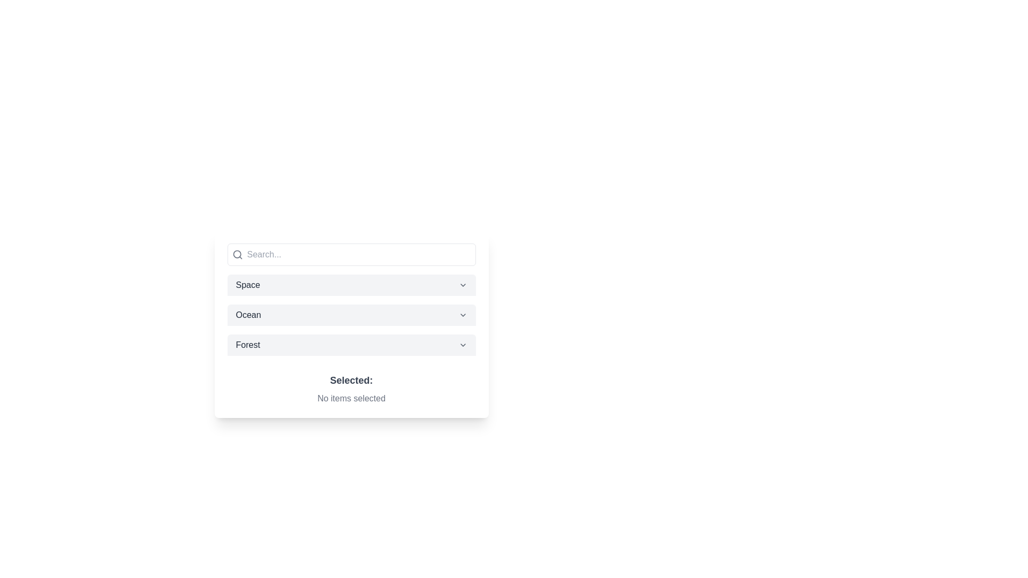  What do you see at coordinates (351, 384) in the screenshot?
I see `the Text display that indicates the current selection status, located at the bottom of a vertically stacked group of items within a card-like layout, beneath the selectable elements labeled 'Space,' 'Ocean,' and 'Forest.'` at bounding box center [351, 384].